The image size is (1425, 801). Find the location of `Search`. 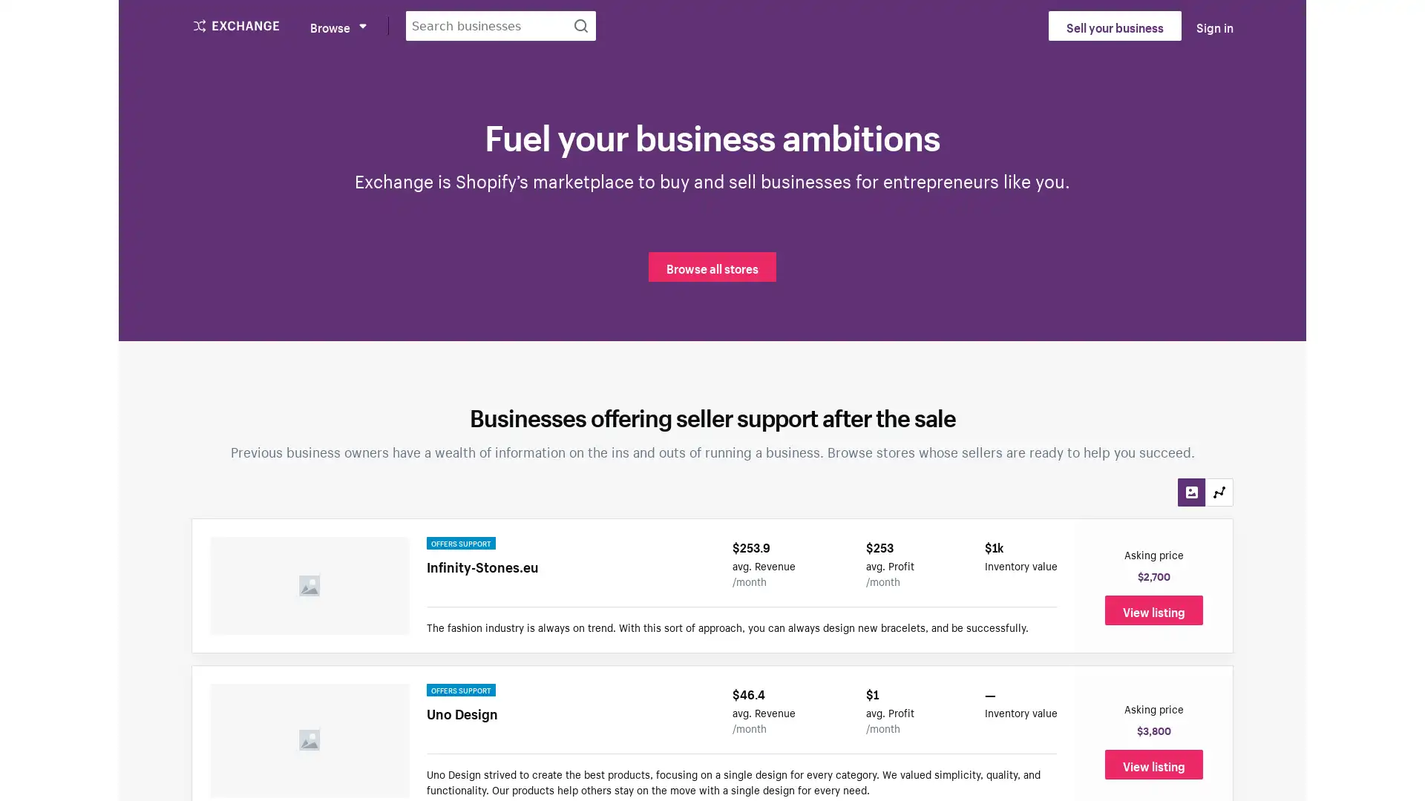

Search is located at coordinates (580, 25).